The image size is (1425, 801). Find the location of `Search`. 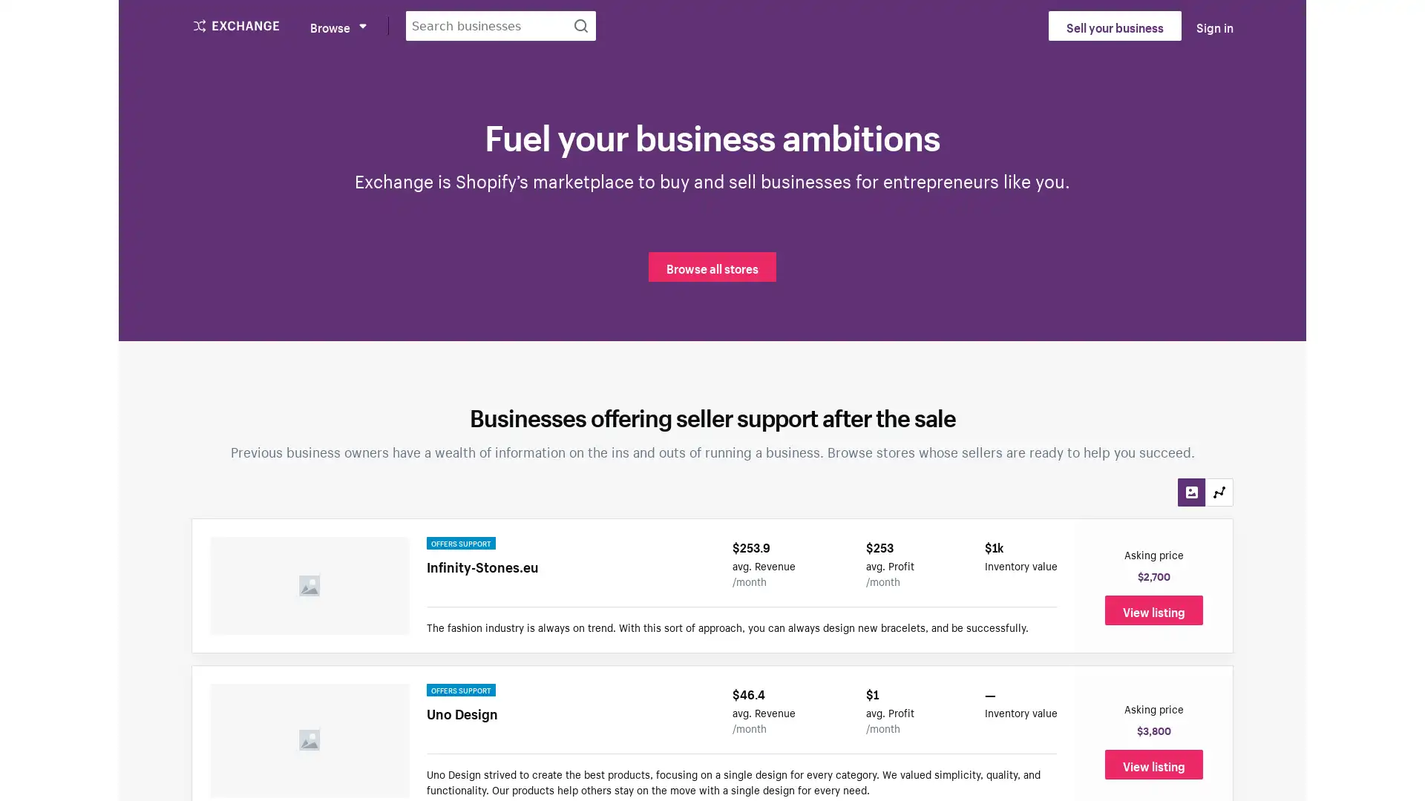

Search is located at coordinates (580, 25).